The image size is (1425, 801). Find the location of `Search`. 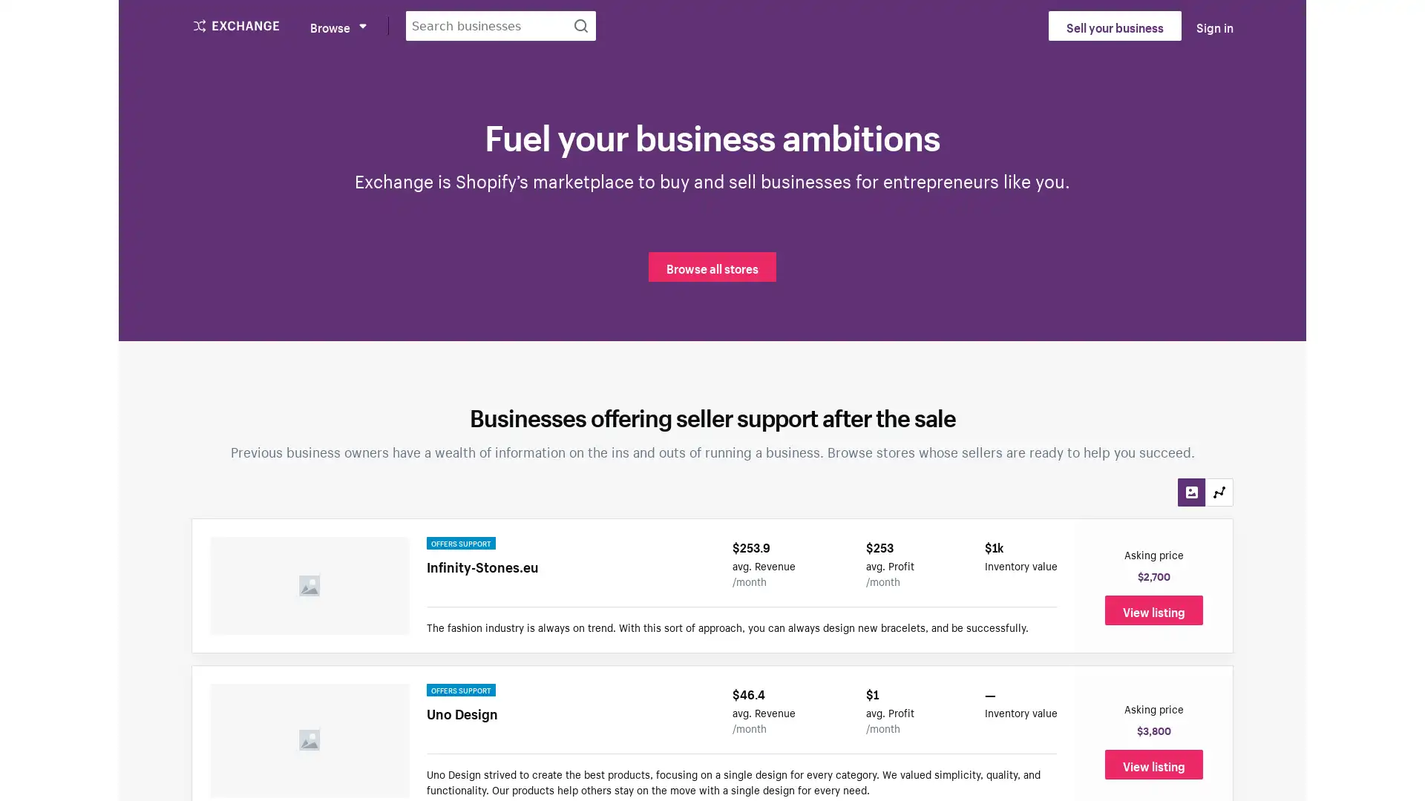

Search is located at coordinates (580, 25).